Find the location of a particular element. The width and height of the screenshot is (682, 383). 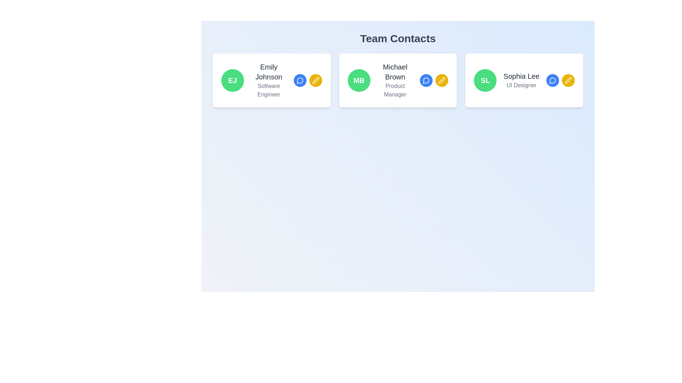

the messaging icon represented as a speech bubble outline located in the middle of the contact card for 'Michael Brown' to initiate a chat or open a messaging interface is located at coordinates (426, 80).